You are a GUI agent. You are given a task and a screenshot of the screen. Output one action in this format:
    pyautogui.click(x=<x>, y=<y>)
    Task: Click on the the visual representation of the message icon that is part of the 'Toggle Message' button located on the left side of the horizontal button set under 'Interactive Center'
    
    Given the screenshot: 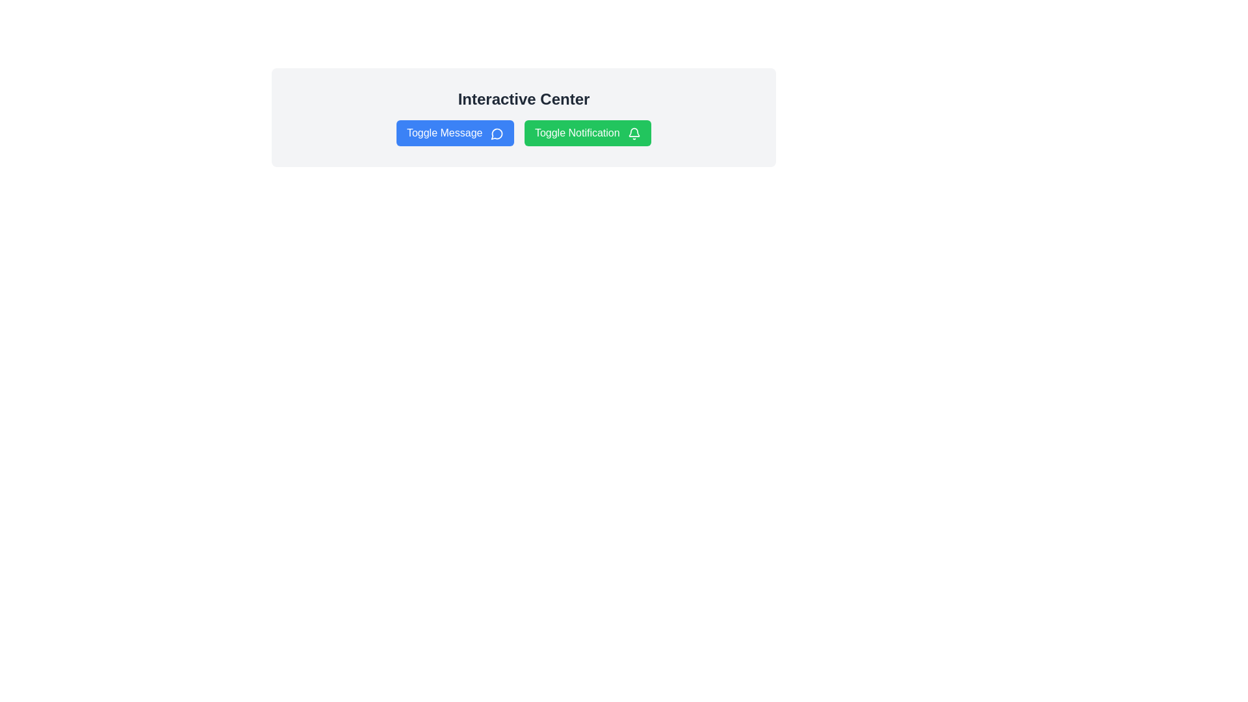 What is the action you would take?
    pyautogui.click(x=496, y=134)
    